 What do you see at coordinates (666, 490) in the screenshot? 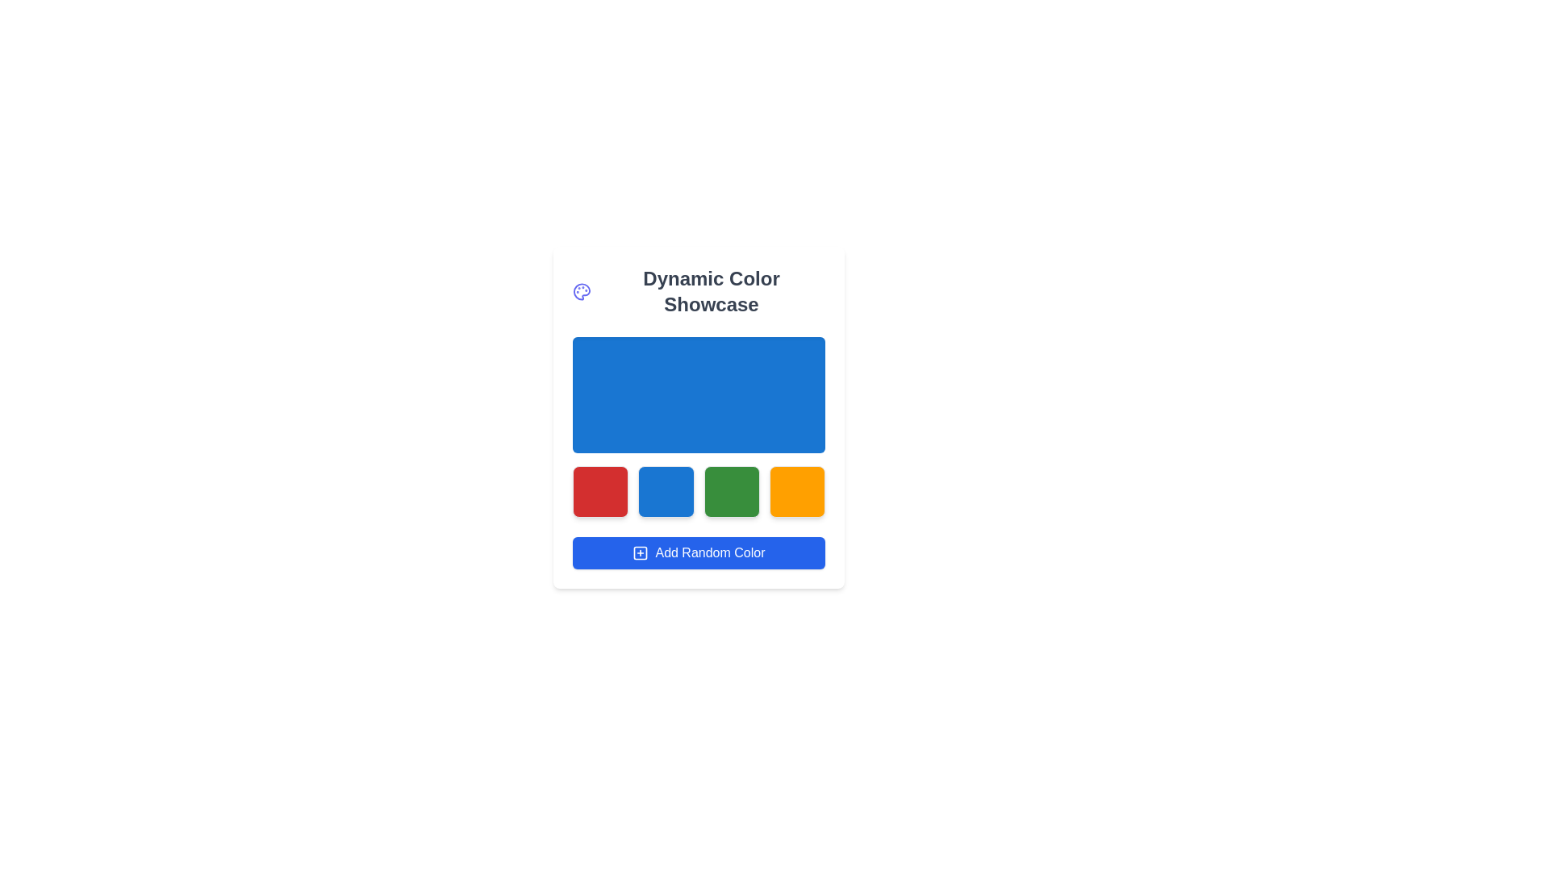
I see `the second colored square button` at bounding box center [666, 490].